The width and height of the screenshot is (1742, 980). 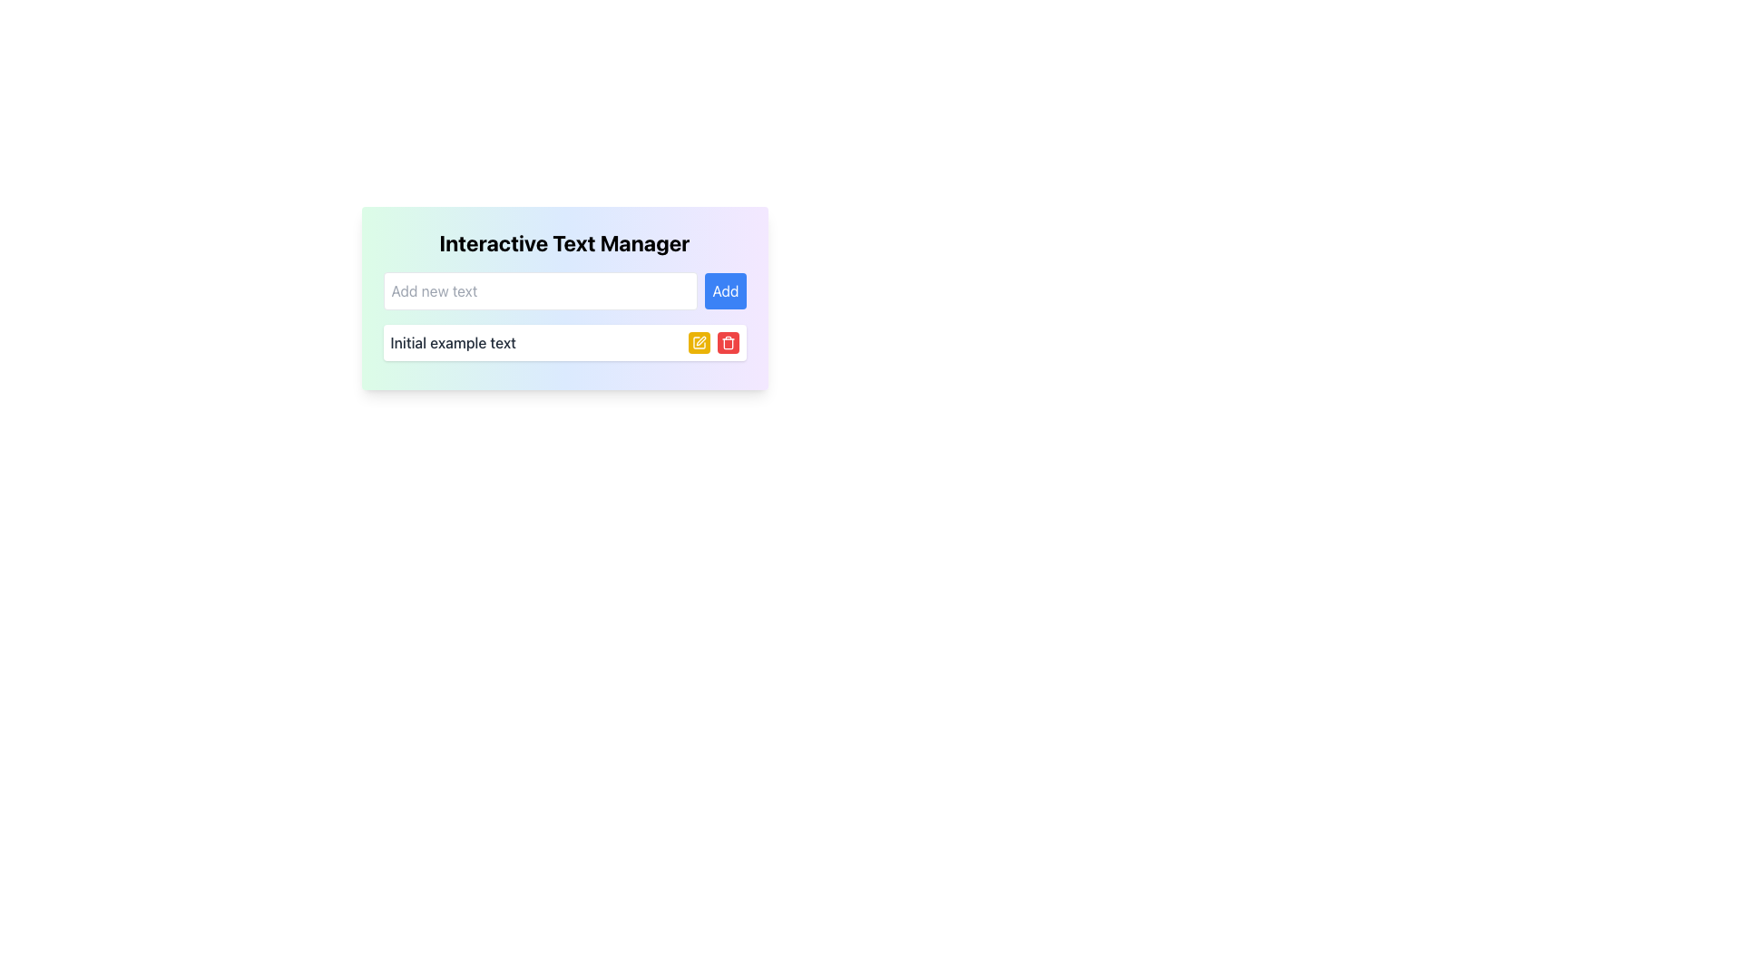 What do you see at coordinates (728, 343) in the screenshot?
I see `the small rounded rectangular button with a red background and white trash can icon, located as the second button on the right in the horizontal row below the 'Initial example text' input field` at bounding box center [728, 343].